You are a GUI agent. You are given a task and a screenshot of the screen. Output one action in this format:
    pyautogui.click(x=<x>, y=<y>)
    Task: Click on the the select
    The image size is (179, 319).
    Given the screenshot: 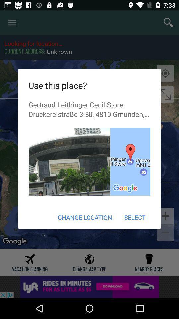 What is the action you would take?
    pyautogui.click(x=134, y=217)
    